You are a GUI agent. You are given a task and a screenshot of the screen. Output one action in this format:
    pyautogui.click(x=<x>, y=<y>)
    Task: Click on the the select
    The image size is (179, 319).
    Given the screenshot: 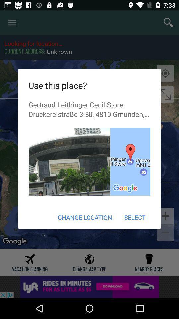 What is the action you would take?
    pyautogui.click(x=134, y=217)
    